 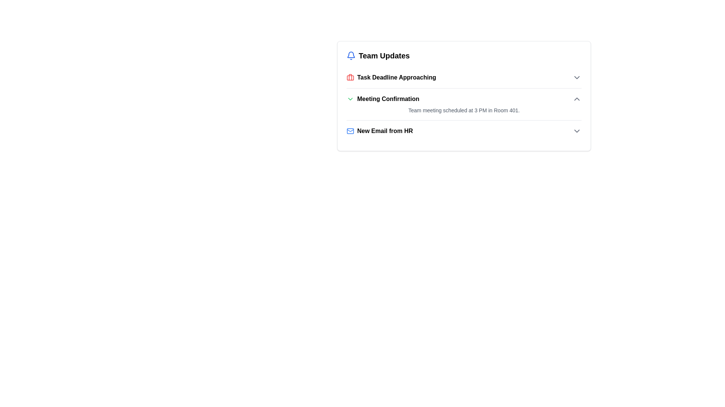 I want to click on the Notification item with an icon and text under the 'Team Updates' section, so click(x=379, y=130).